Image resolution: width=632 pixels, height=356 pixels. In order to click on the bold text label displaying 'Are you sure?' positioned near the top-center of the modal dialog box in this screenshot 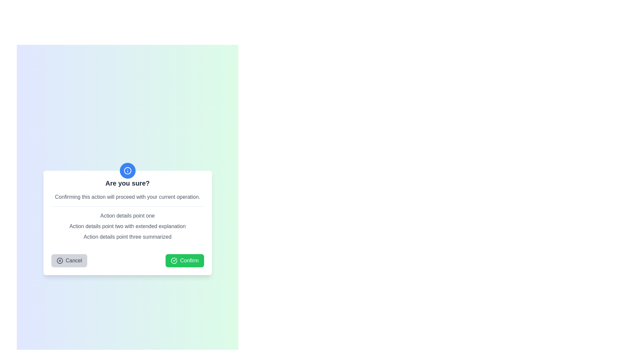, I will do `click(127, 183)`.